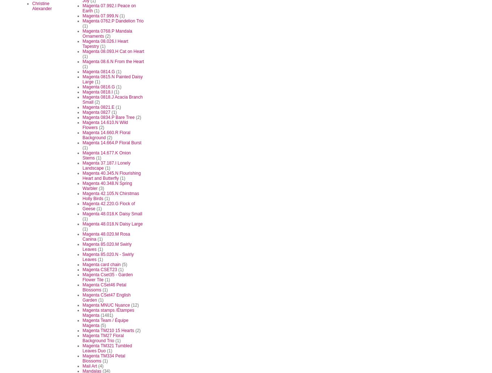  What do you see at coordinates (107, 277) in the screenshot?
I see `'Magenta Cset35 - Garden Flower Tile'` at bounding box center [107, 277].